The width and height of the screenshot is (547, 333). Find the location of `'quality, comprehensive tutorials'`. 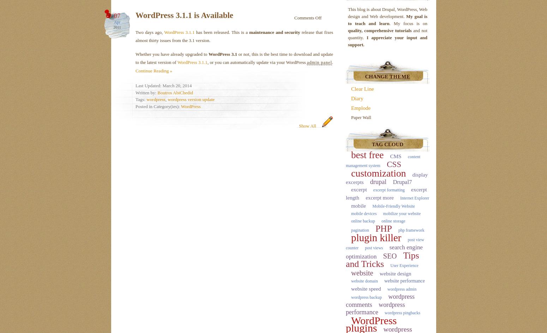

'quality, comprehensive tutorials' is located at coordinates (380, 30).